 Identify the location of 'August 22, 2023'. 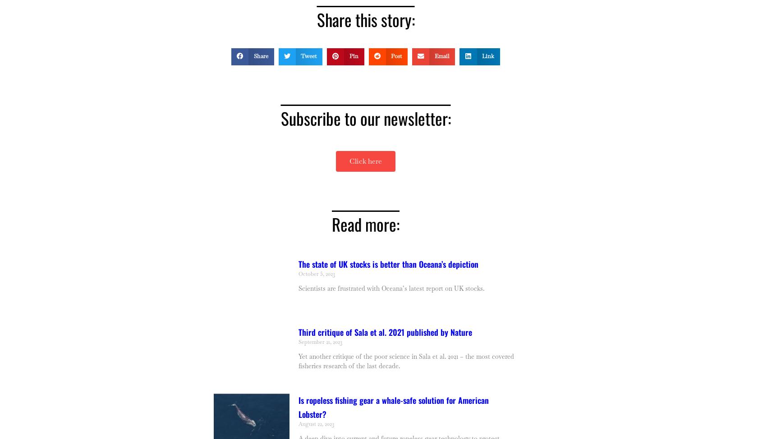
(316, 423).